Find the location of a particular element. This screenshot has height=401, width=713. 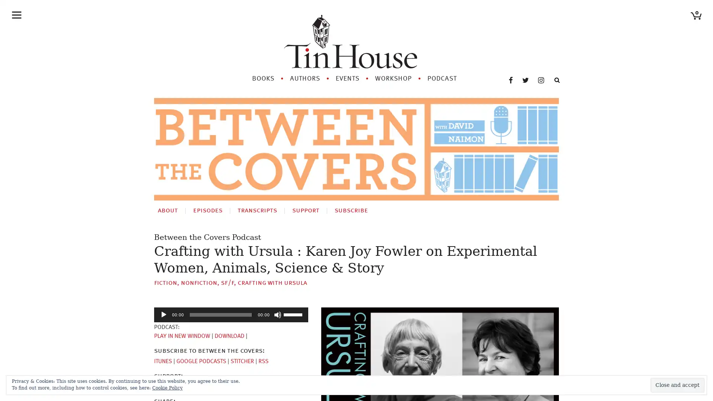

Mute is located at coordinates (277, 314).